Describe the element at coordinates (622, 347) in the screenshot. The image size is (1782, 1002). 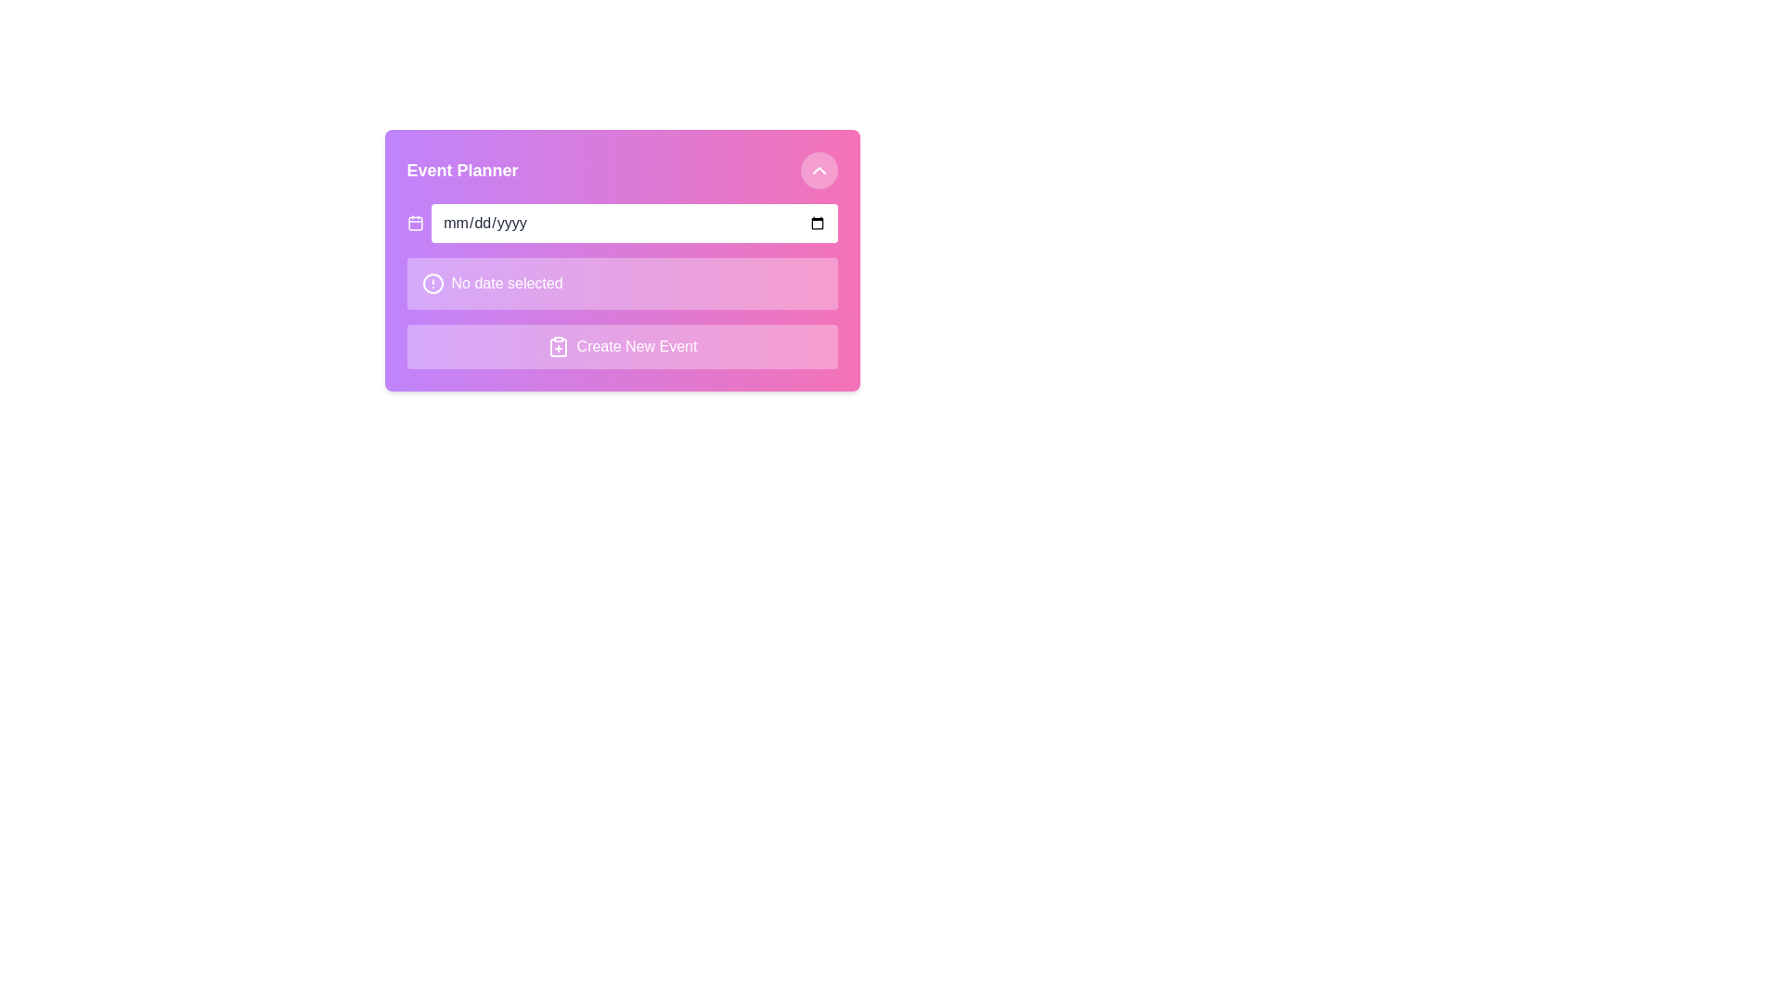
I see `the 'Create New Event' button` at that location.